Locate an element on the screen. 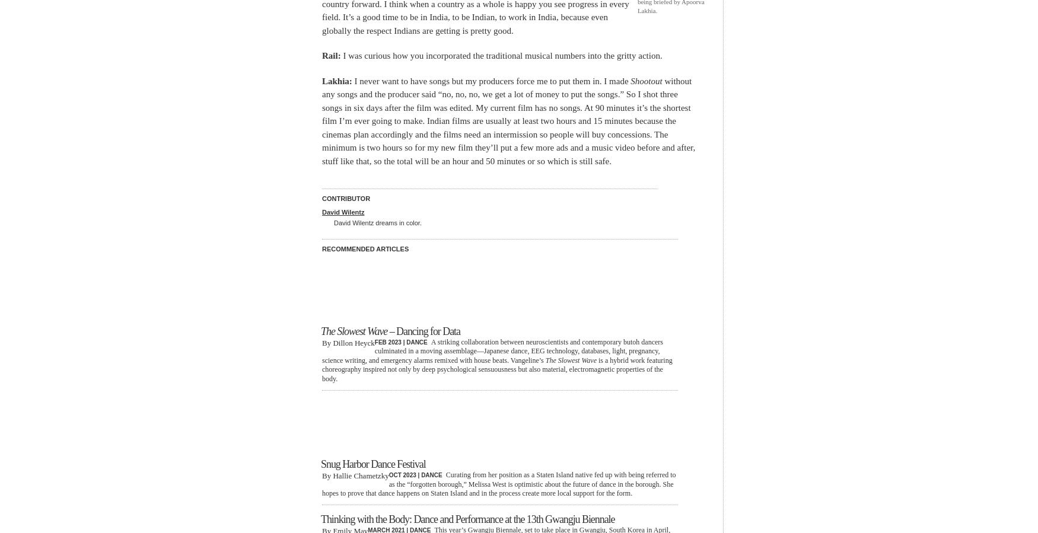  'is a hybrid work featuring choreography inspired not only by deep psychological sensuousness but also material, electromagnetic properties of the body.' is located at coordinates (497, 369).